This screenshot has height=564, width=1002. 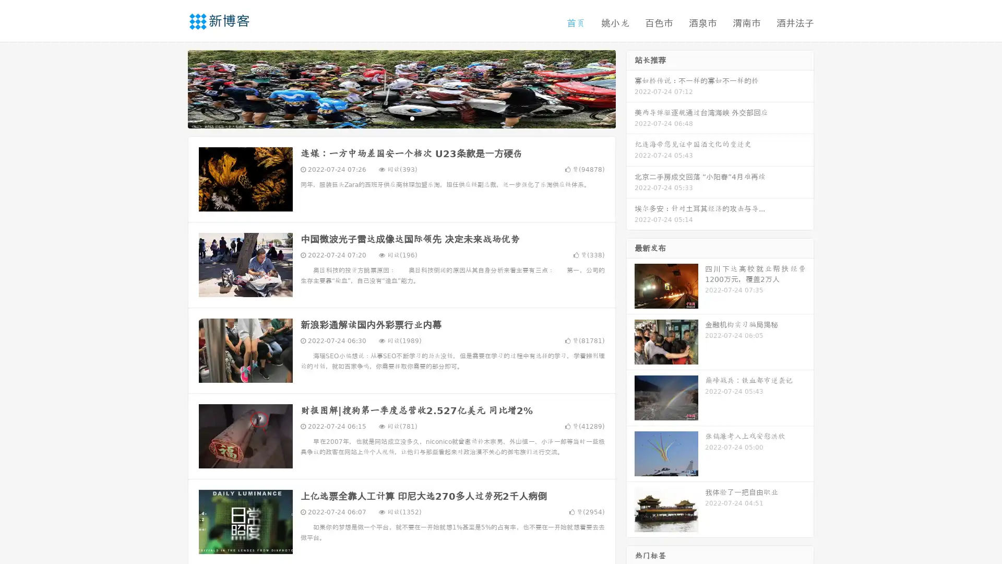 I want to click on Go to slide 2, so click(x=401, y=118).